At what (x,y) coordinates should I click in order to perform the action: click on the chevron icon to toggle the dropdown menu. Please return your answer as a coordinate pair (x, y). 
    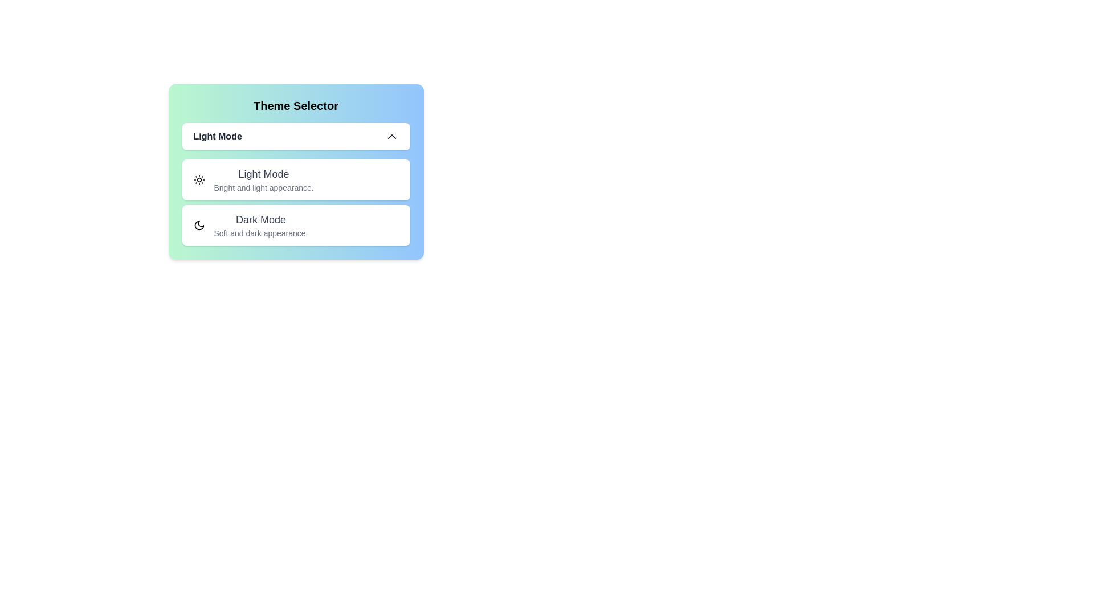
    Looking at the image, I should click on (391, 136).